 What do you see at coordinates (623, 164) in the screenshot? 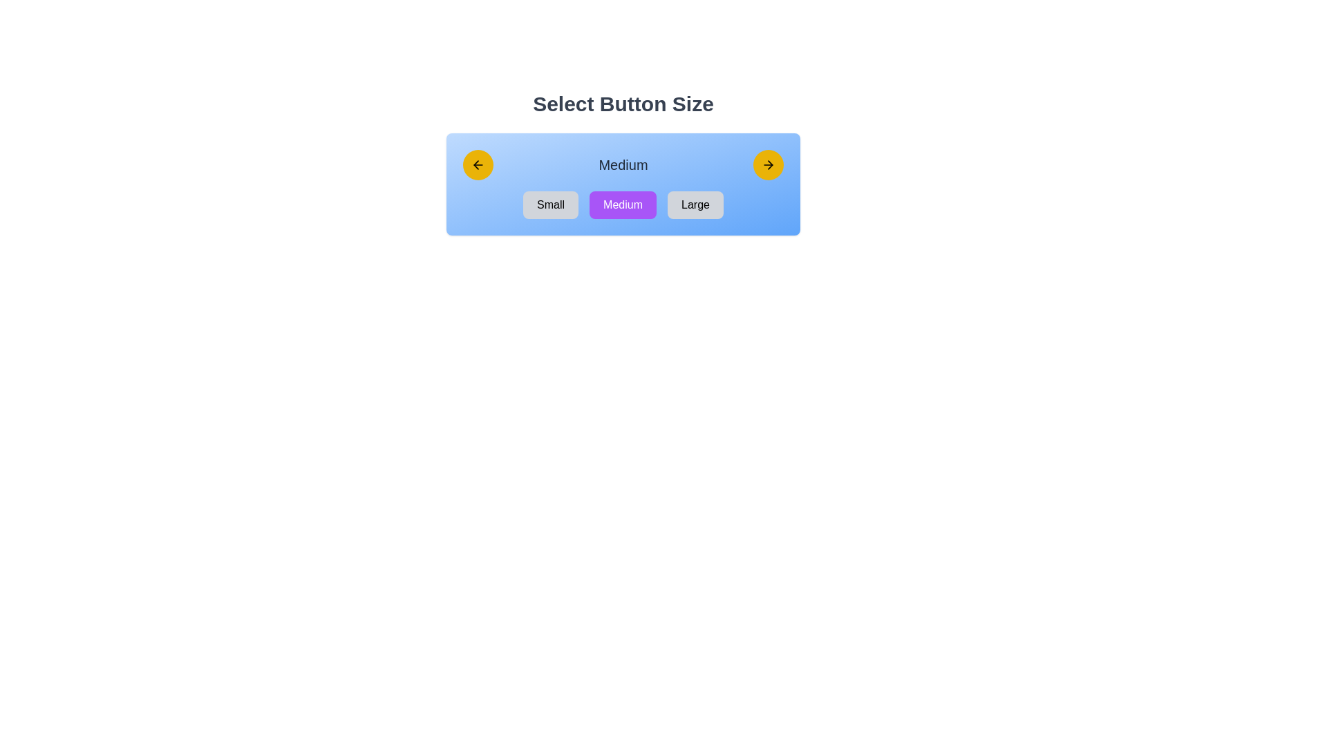
I see `the static text display element that reads 'Medium', which is styled in medium font size and gray color, located between two circular yellow buttons` at bounding box center [623, 164].